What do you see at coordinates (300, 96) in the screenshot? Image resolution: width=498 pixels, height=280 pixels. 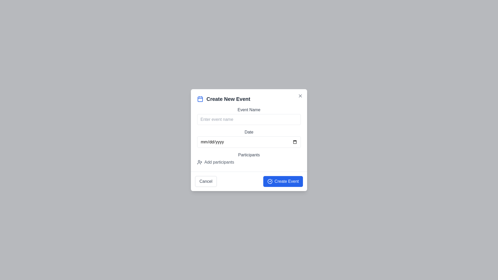 I see `the close button in the top-right corner of the 'Create New Event' modal` at bounding box center [300, 96].